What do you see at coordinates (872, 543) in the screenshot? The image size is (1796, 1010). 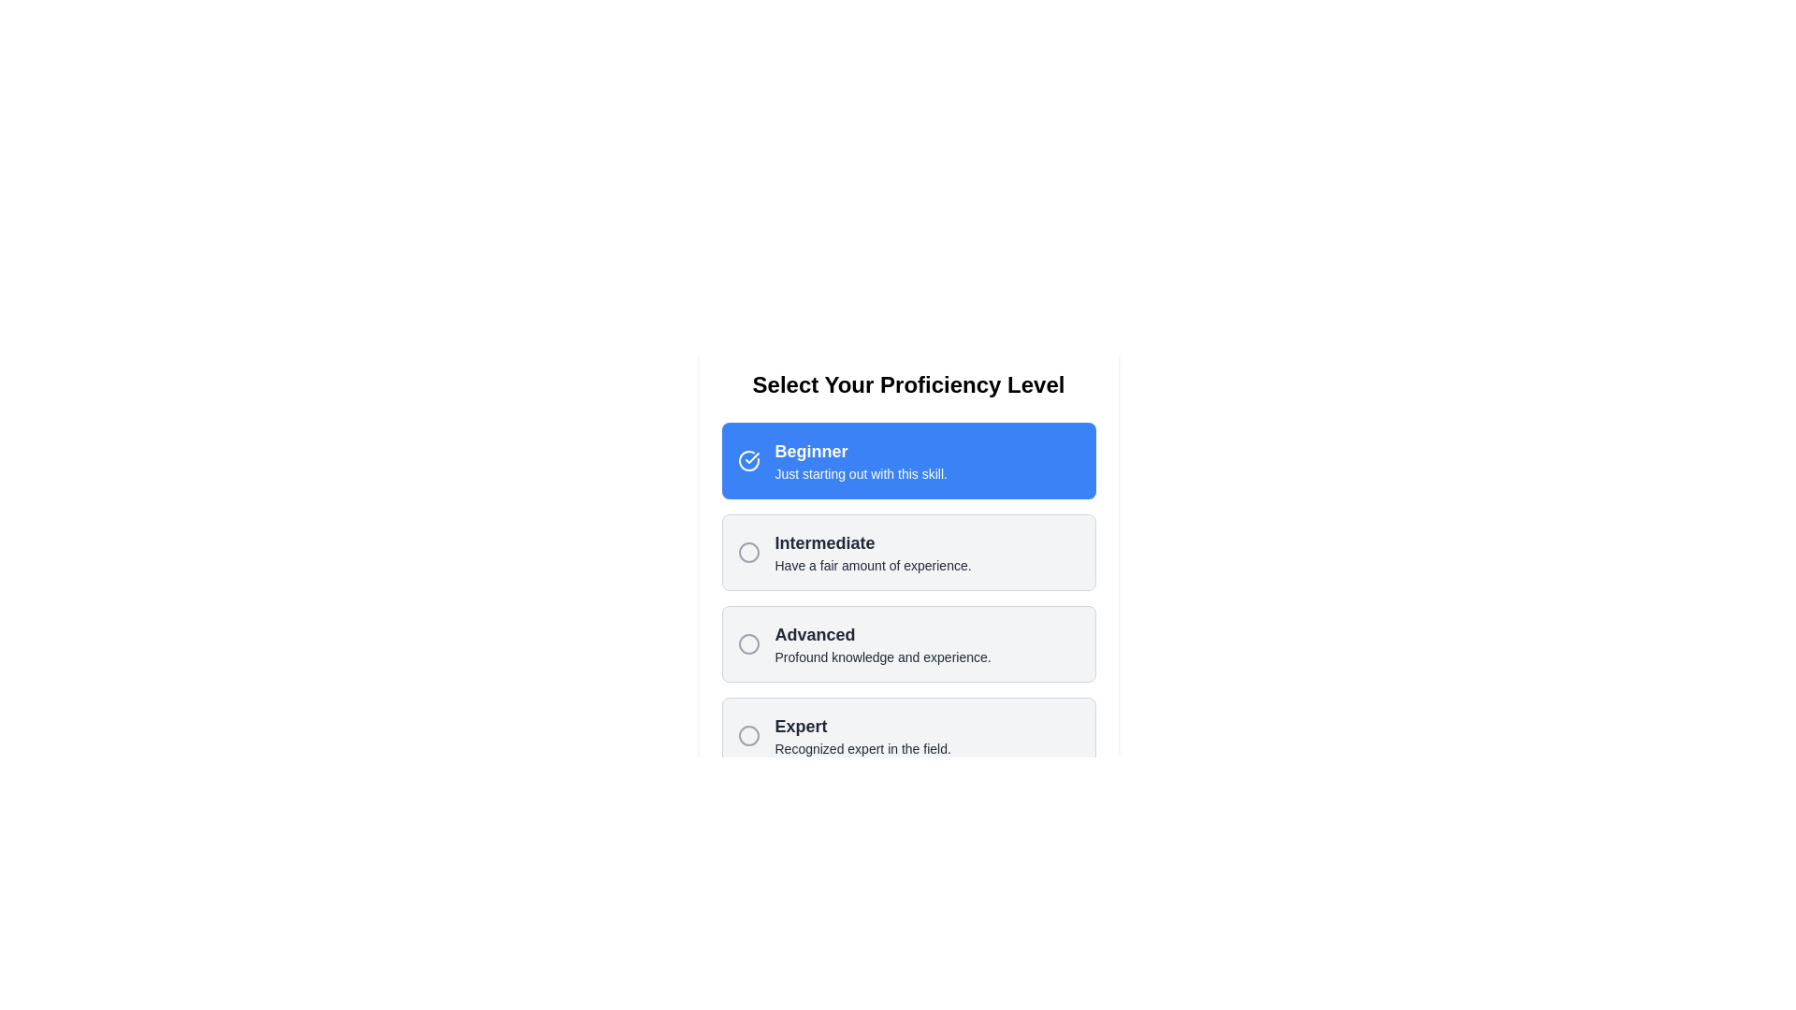 I see `the proficiency level label, which is the bold header of the second option in the 'Select Your Proficiency Level' list` at bounding box center [872, 543].